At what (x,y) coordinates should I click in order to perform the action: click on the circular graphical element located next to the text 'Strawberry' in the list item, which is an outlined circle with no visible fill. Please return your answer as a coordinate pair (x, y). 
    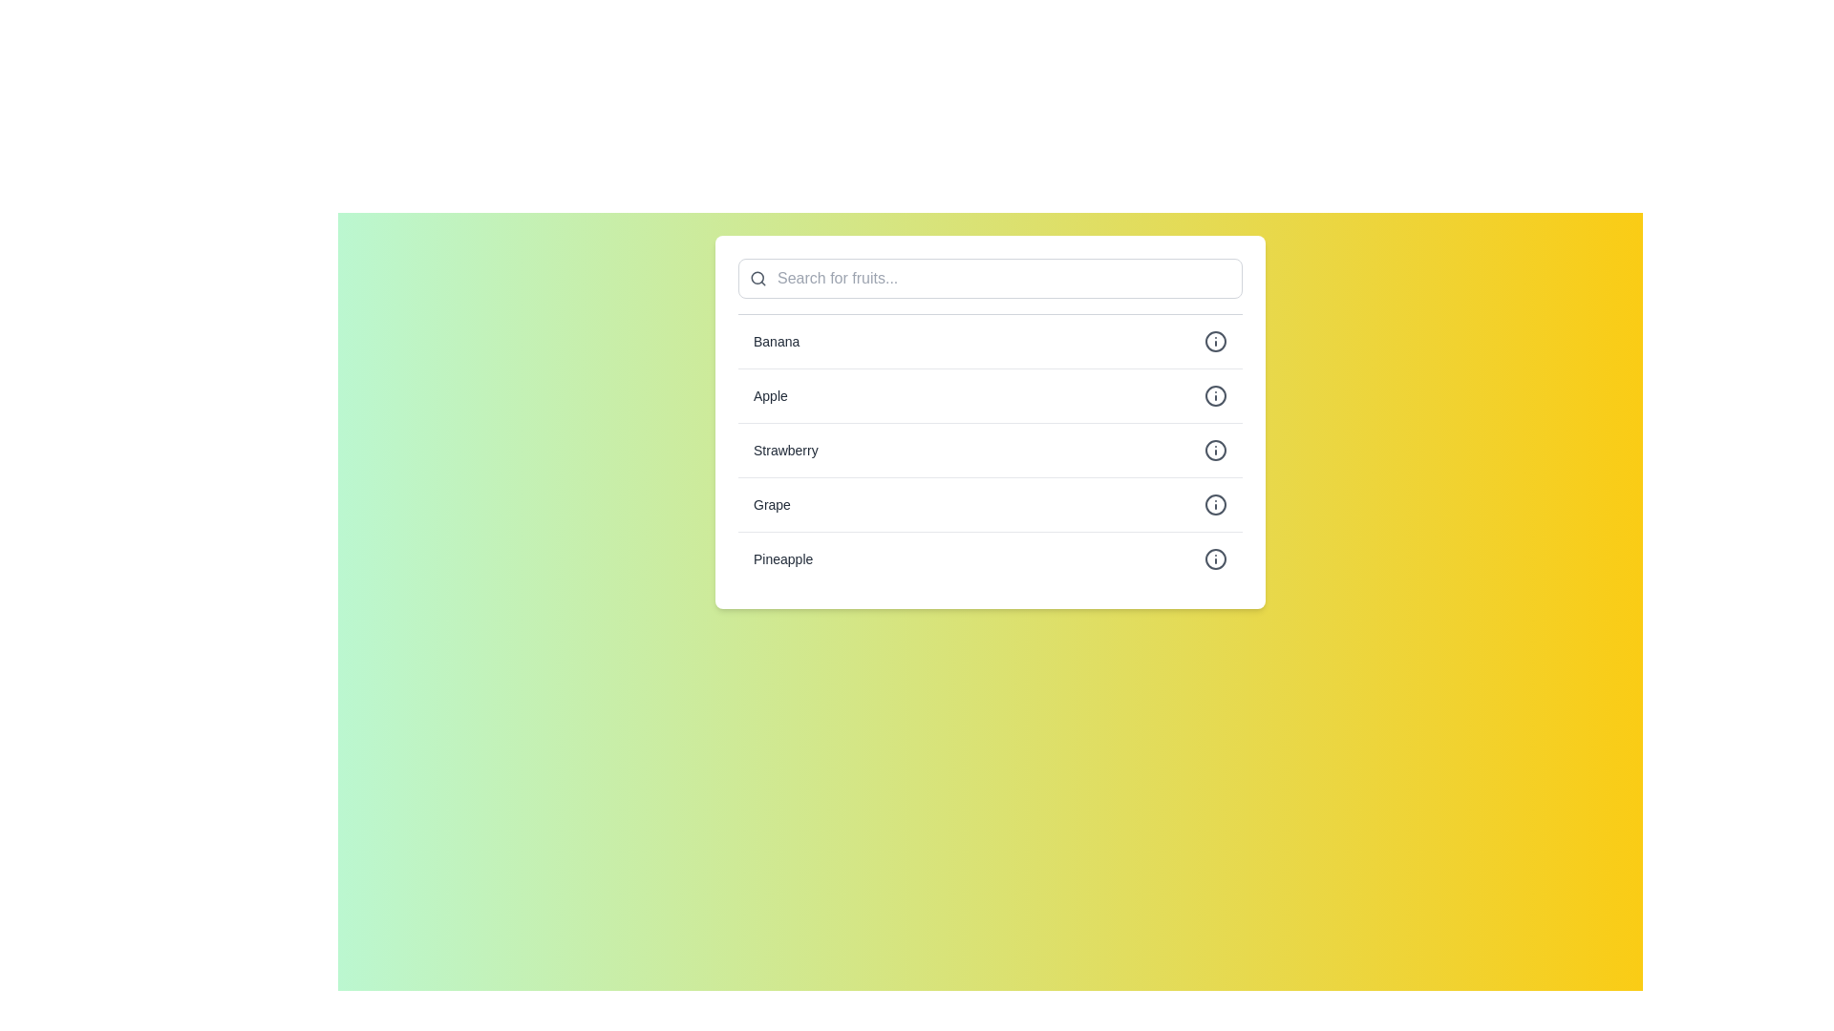
    Looking at the image, I should click on (1214, 450).